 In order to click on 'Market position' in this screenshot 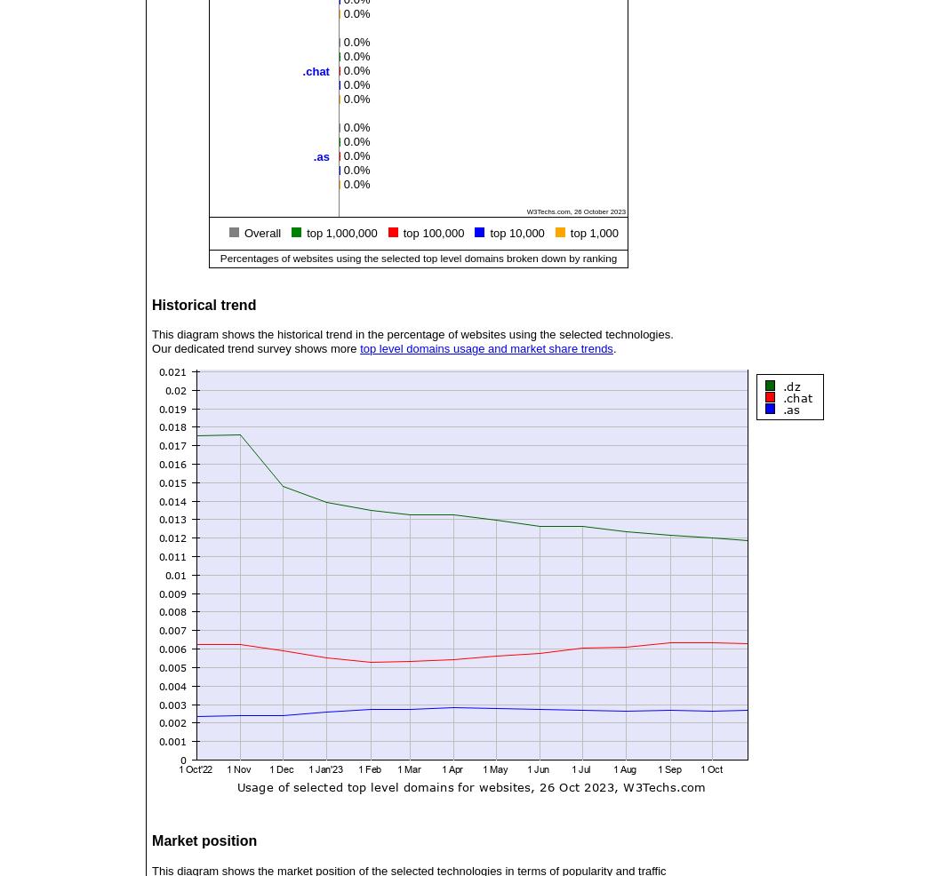, I will do `click(204, 840)`.